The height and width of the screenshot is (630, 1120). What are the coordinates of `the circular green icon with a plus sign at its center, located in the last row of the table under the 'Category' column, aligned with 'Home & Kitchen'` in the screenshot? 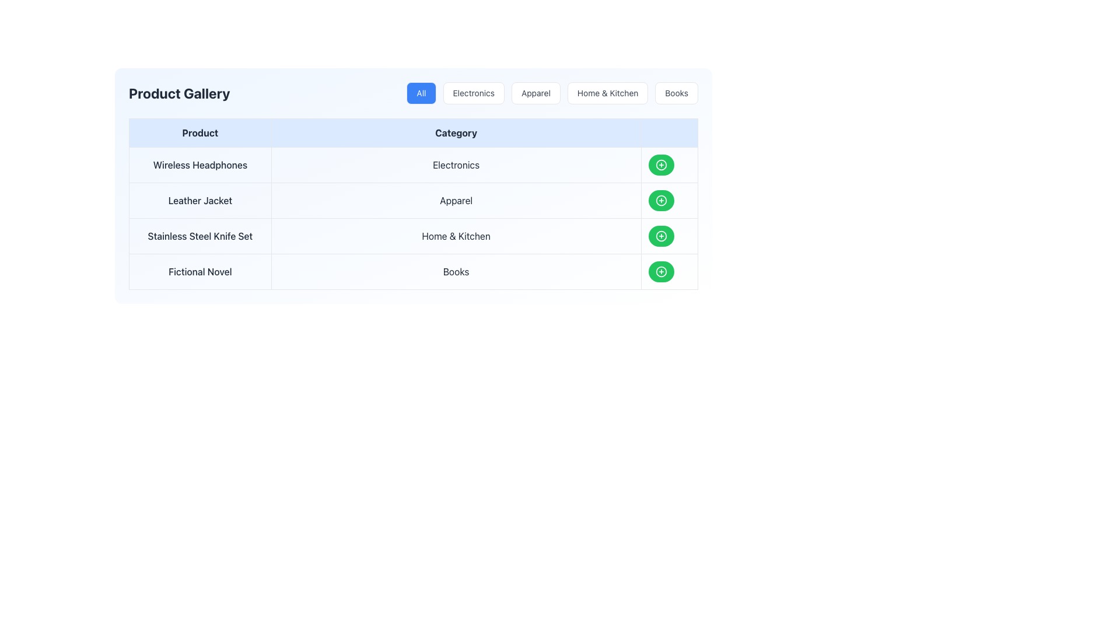 It's located at (661, 236).